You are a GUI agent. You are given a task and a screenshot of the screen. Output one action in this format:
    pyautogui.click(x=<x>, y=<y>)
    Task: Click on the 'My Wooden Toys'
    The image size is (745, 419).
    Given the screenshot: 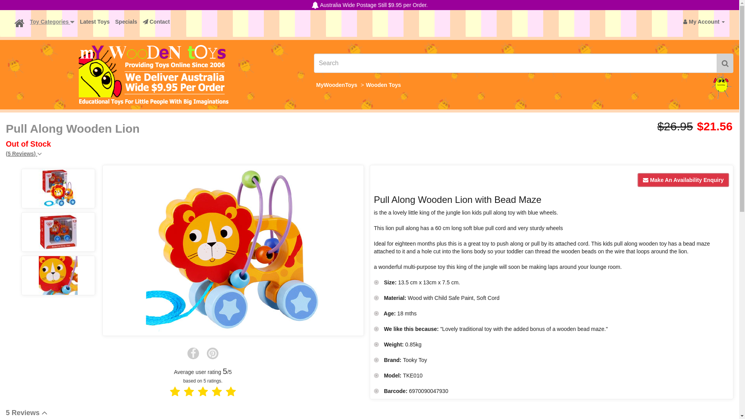 What is the action you would take?
    pyautogui.click(x=154, y=74)
    